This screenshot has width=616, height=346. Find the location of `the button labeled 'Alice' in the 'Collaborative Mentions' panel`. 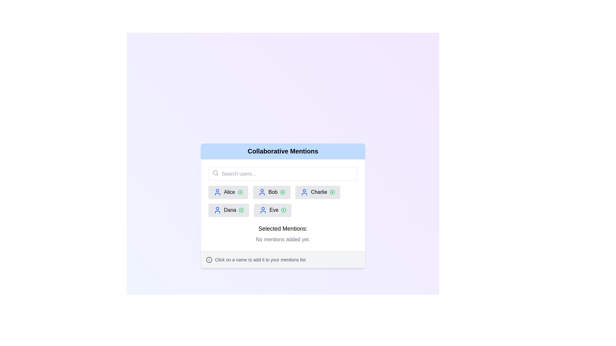

the button labeled 'Alice' in the 'Collaborative Mentions' panel is located at coordinates (228, 192).